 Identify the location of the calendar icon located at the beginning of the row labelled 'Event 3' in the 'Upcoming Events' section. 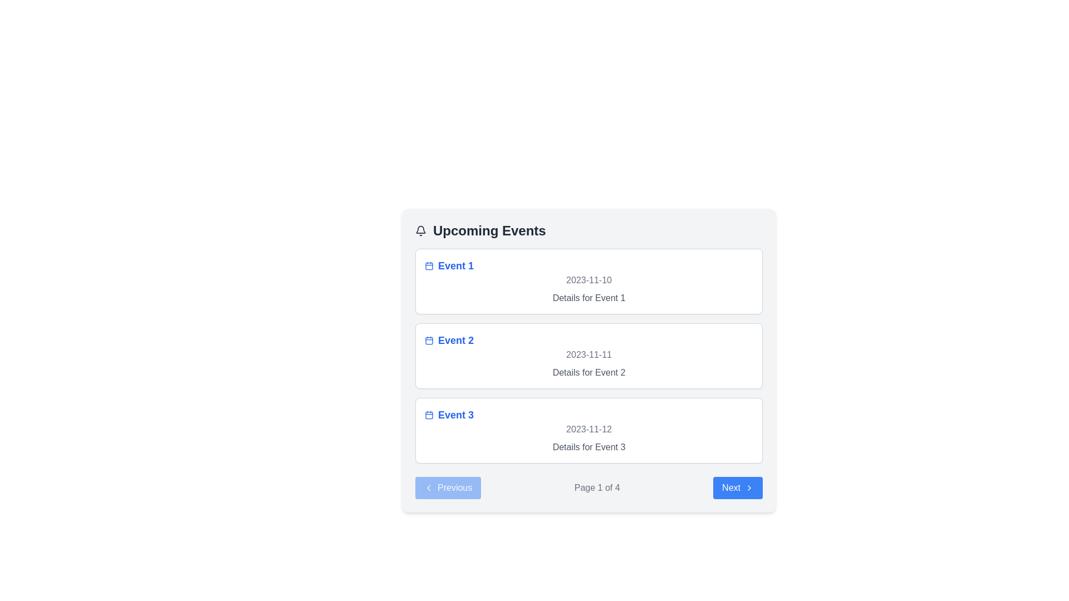
(429, 415).